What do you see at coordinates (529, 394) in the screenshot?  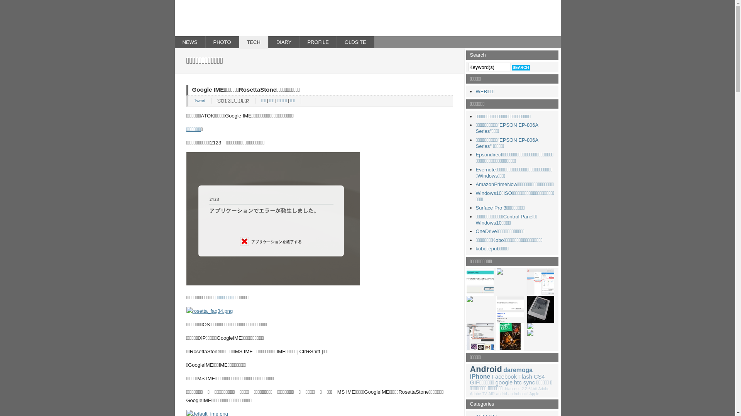 I see `'Apple'` at bounding box center [529, 394].